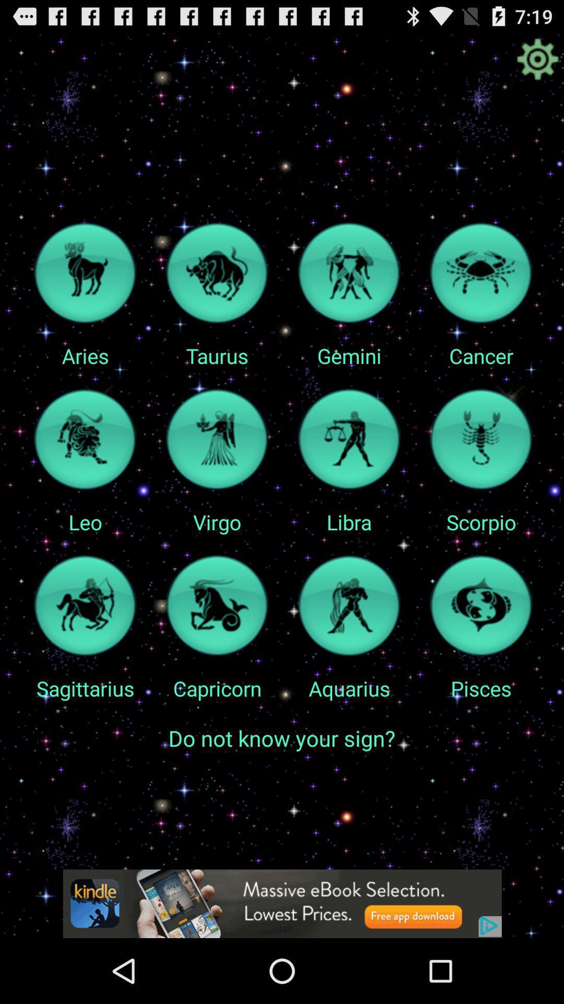 This screenshot has width=564, height=1004. I want to click on settings, so click(537, 59).